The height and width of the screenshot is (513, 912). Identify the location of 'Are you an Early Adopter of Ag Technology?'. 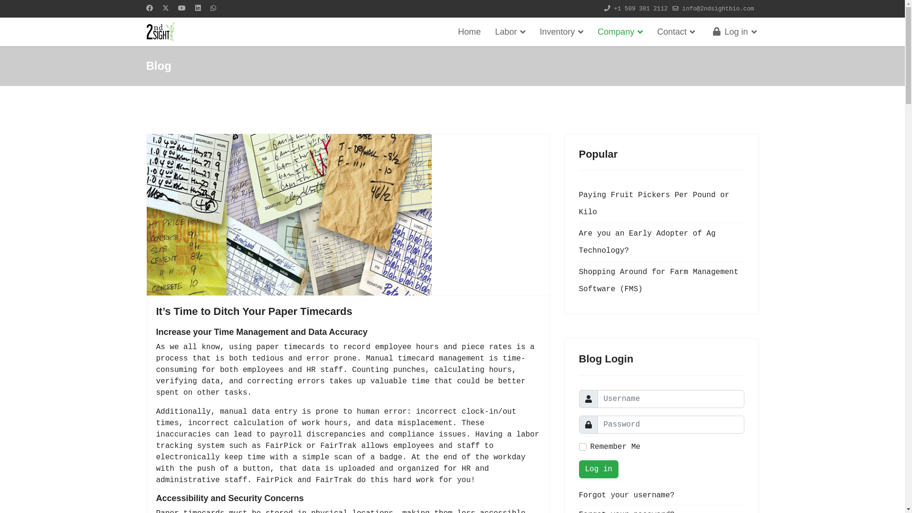
(661, 241).